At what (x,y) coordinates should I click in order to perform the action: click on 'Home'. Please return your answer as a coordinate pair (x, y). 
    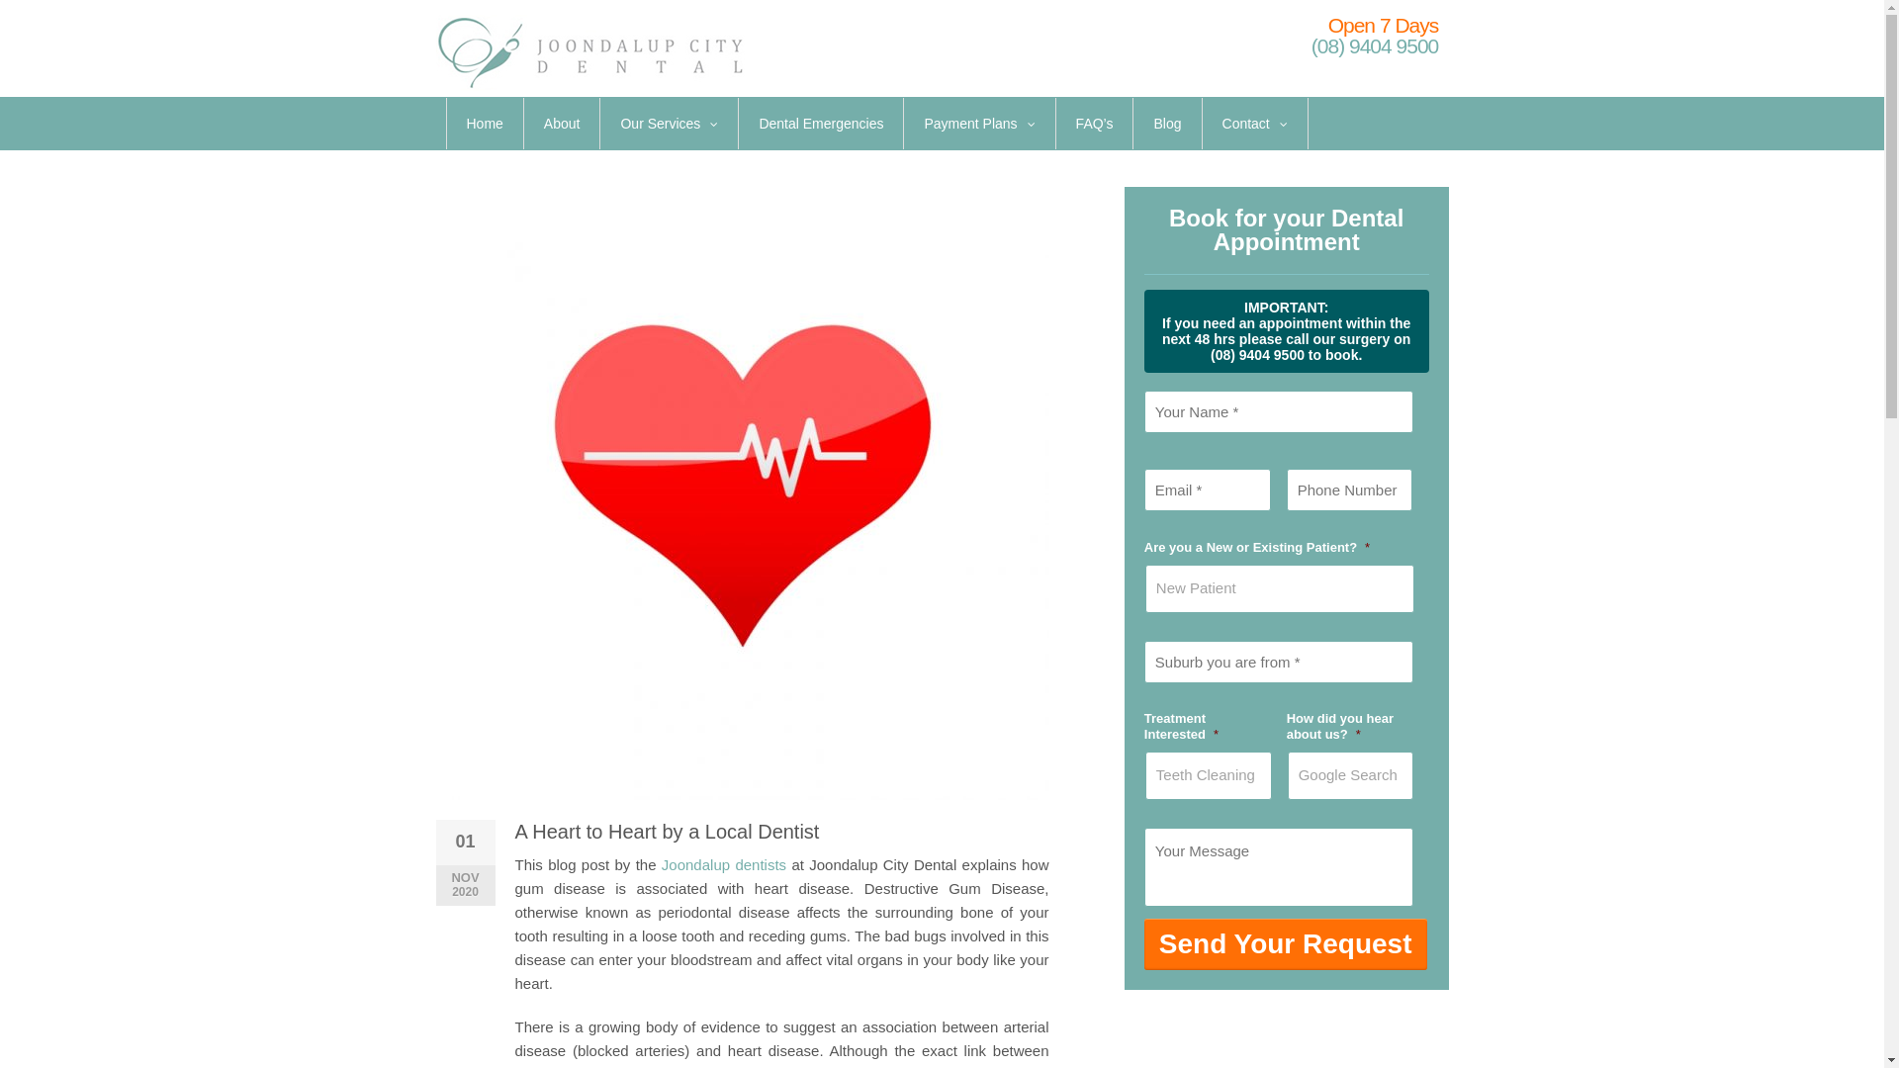
    Looking at the image, I should click on (485, 123).